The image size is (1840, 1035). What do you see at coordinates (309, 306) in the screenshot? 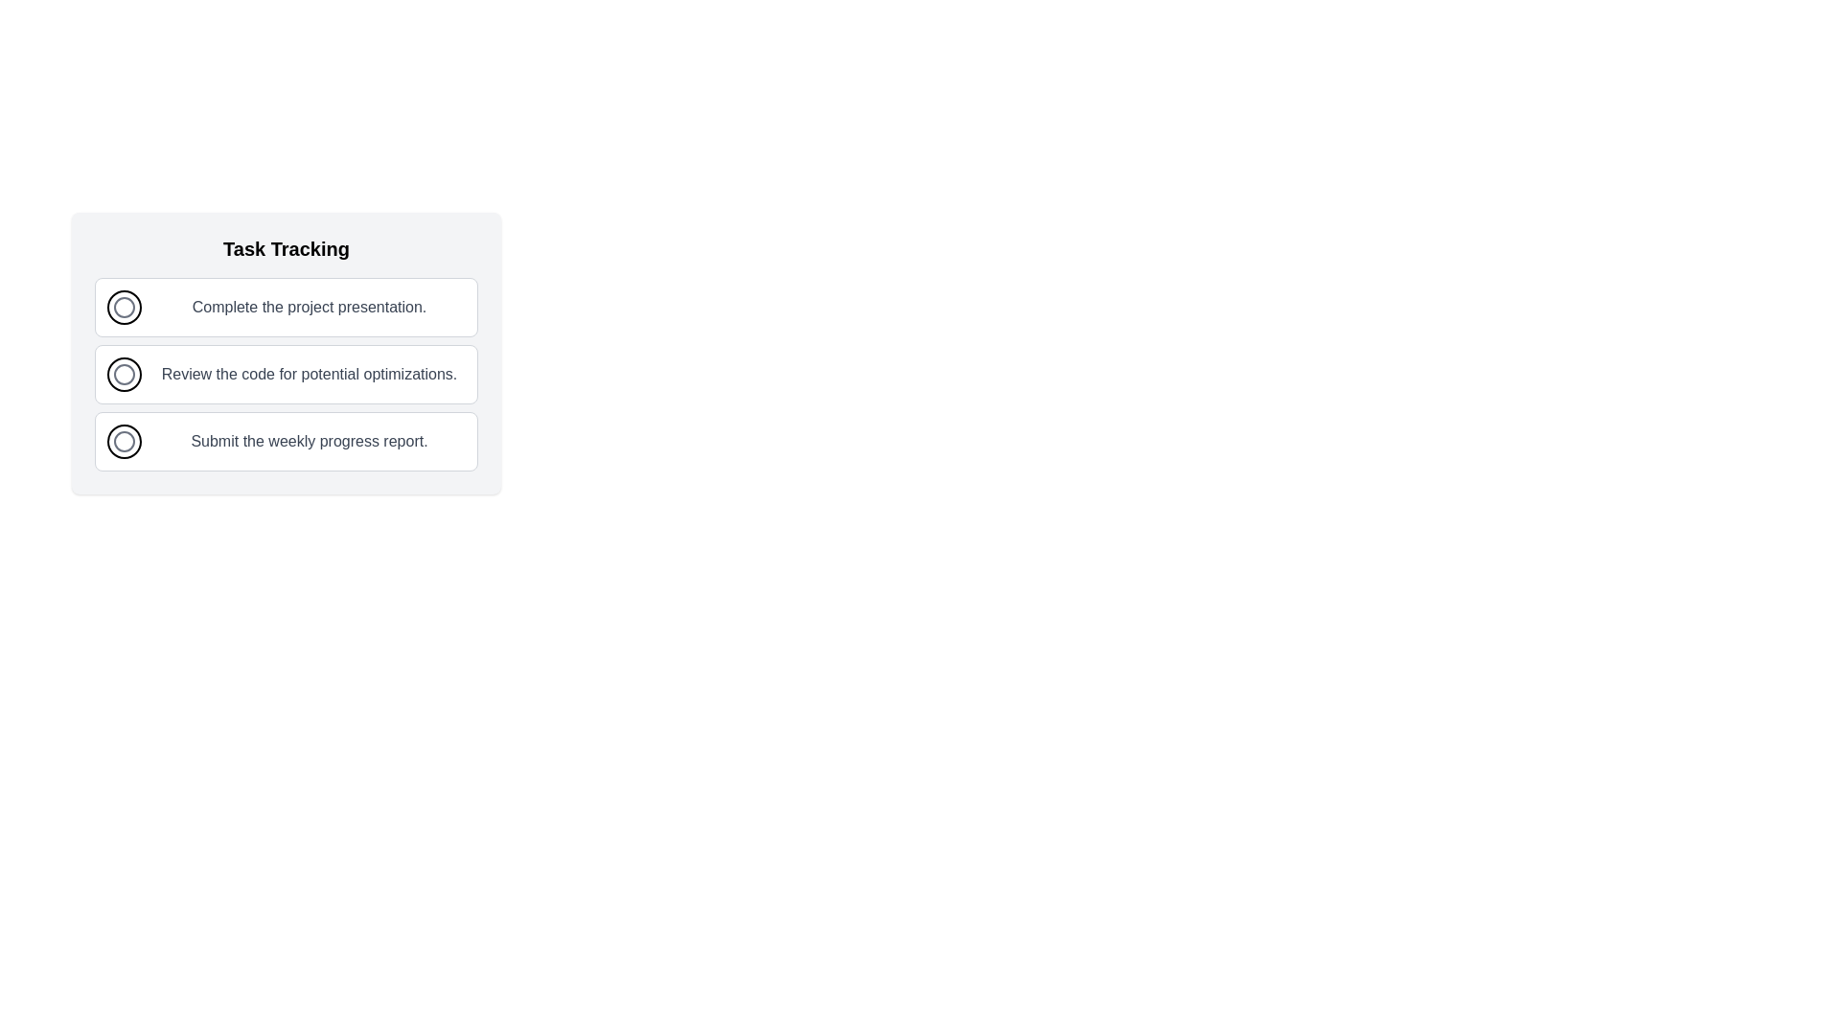
I see `the text label that reads 'Complete the project presentation.' which is part of a task list and located to the right of its corresponding circular checkbox` at bounding box center [309, 306].